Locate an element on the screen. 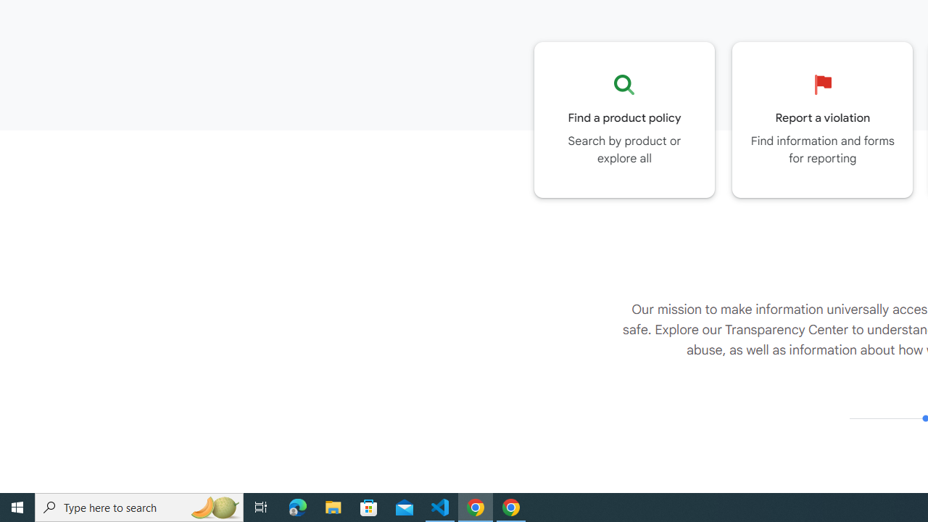 Image resolution: width=928 pixels, height=522 pixels. 'Go to the Reporting and appeals page' is located at coordinates (822, 119).